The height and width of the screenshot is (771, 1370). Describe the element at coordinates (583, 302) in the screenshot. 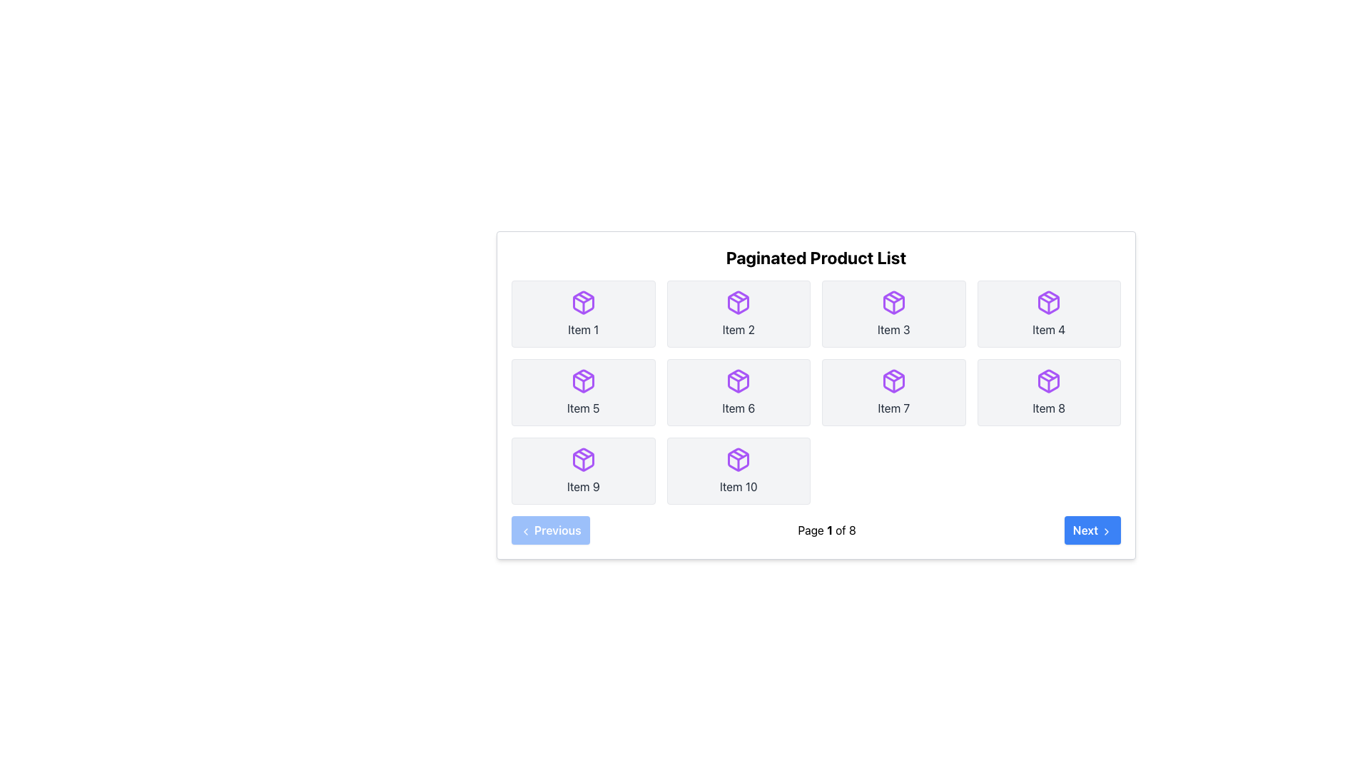

I see `the purple-colored package icon located in the first row and first column of the 'Paginated Product List', positioned above the 'Item 1' label` at that location.